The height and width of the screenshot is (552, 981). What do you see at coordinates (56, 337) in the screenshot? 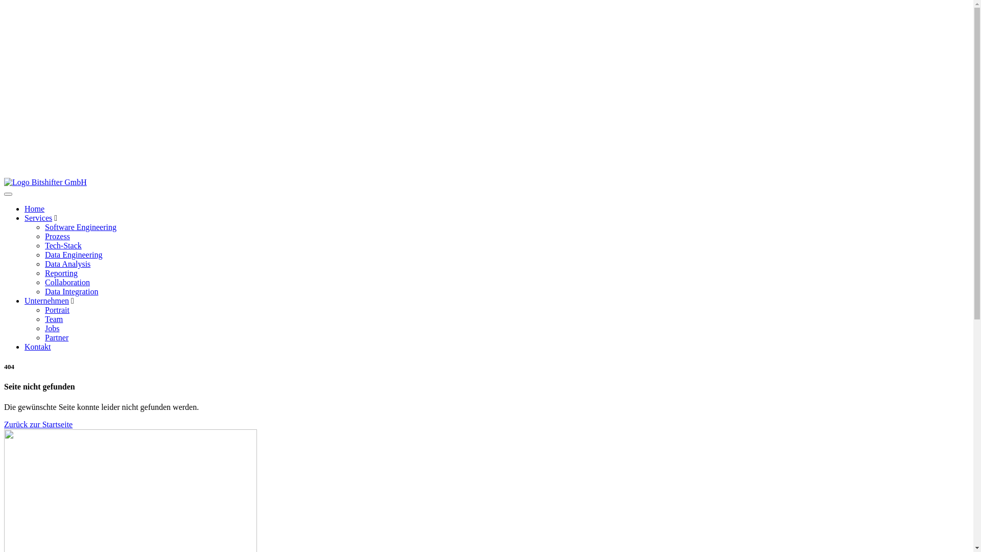
I see `'Partner'` at bounding box center [56, 337].